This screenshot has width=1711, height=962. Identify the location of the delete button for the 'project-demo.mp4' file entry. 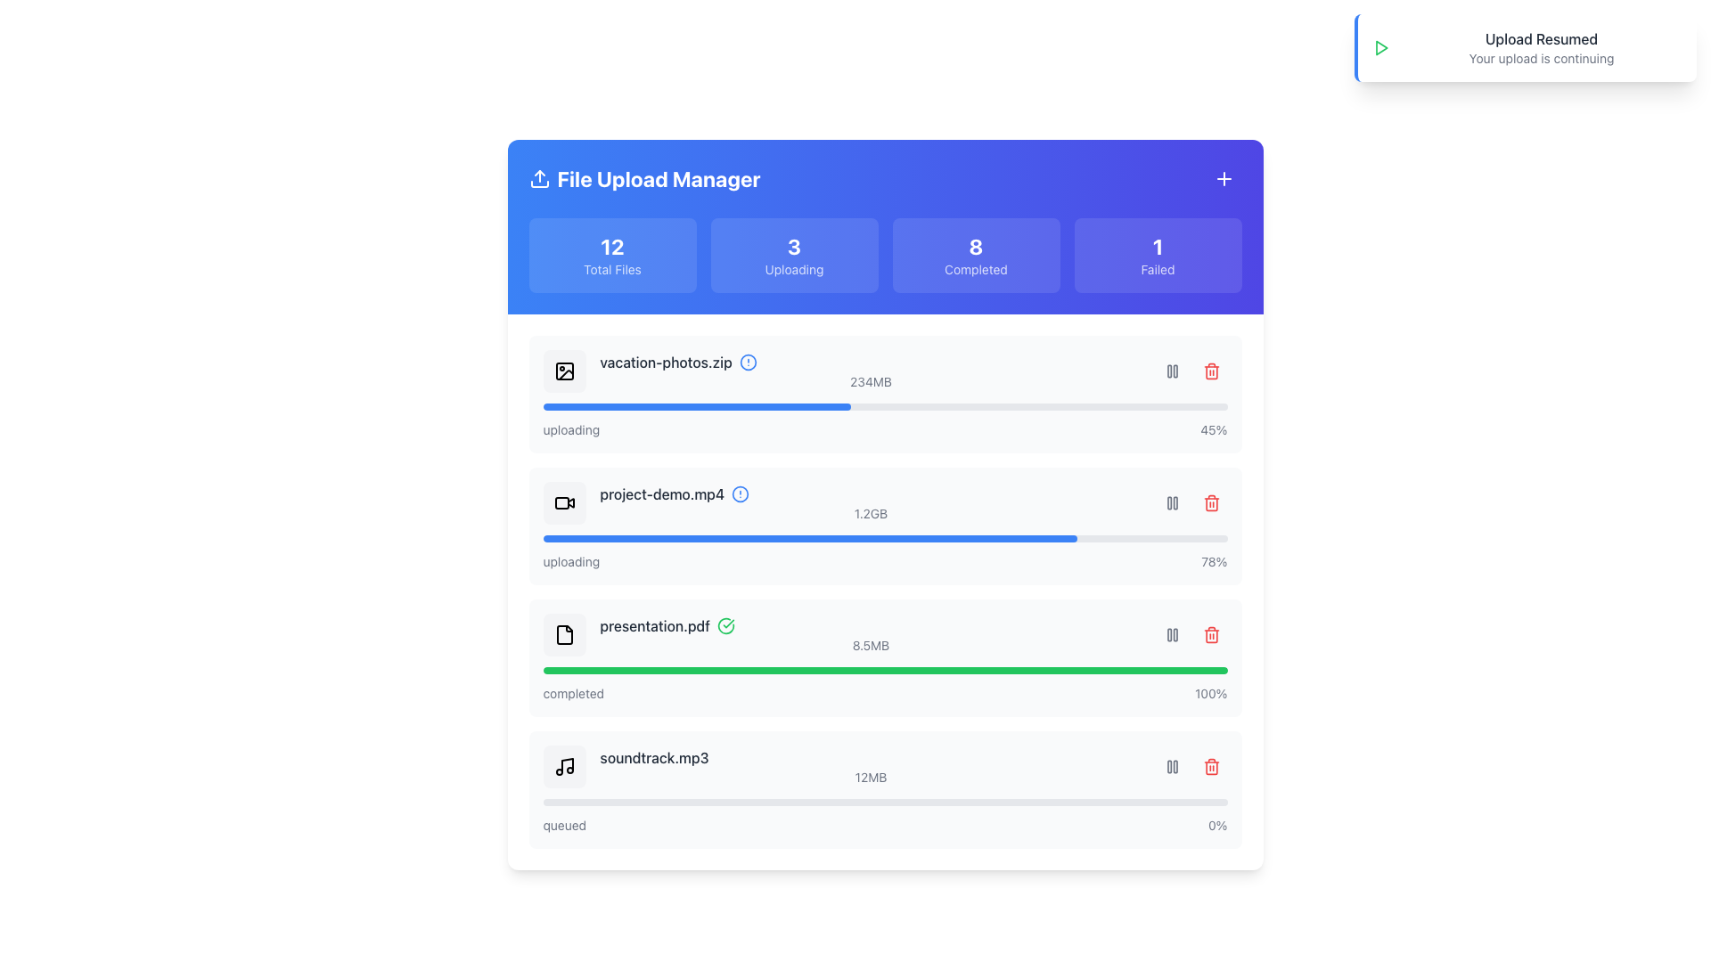
(1211, 370).